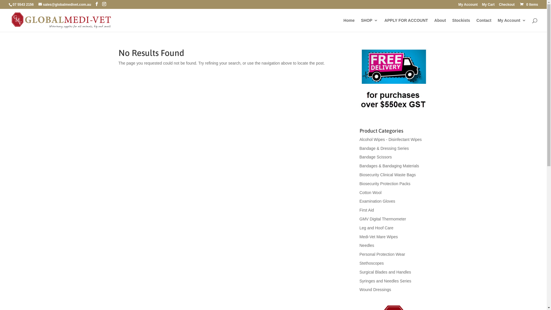 The height and width of the screenshot is (310, 551). Describe the element at coordinates (38, 4) in the screenshot. I see `'sales@globalmedivet.com.au'` at that location.